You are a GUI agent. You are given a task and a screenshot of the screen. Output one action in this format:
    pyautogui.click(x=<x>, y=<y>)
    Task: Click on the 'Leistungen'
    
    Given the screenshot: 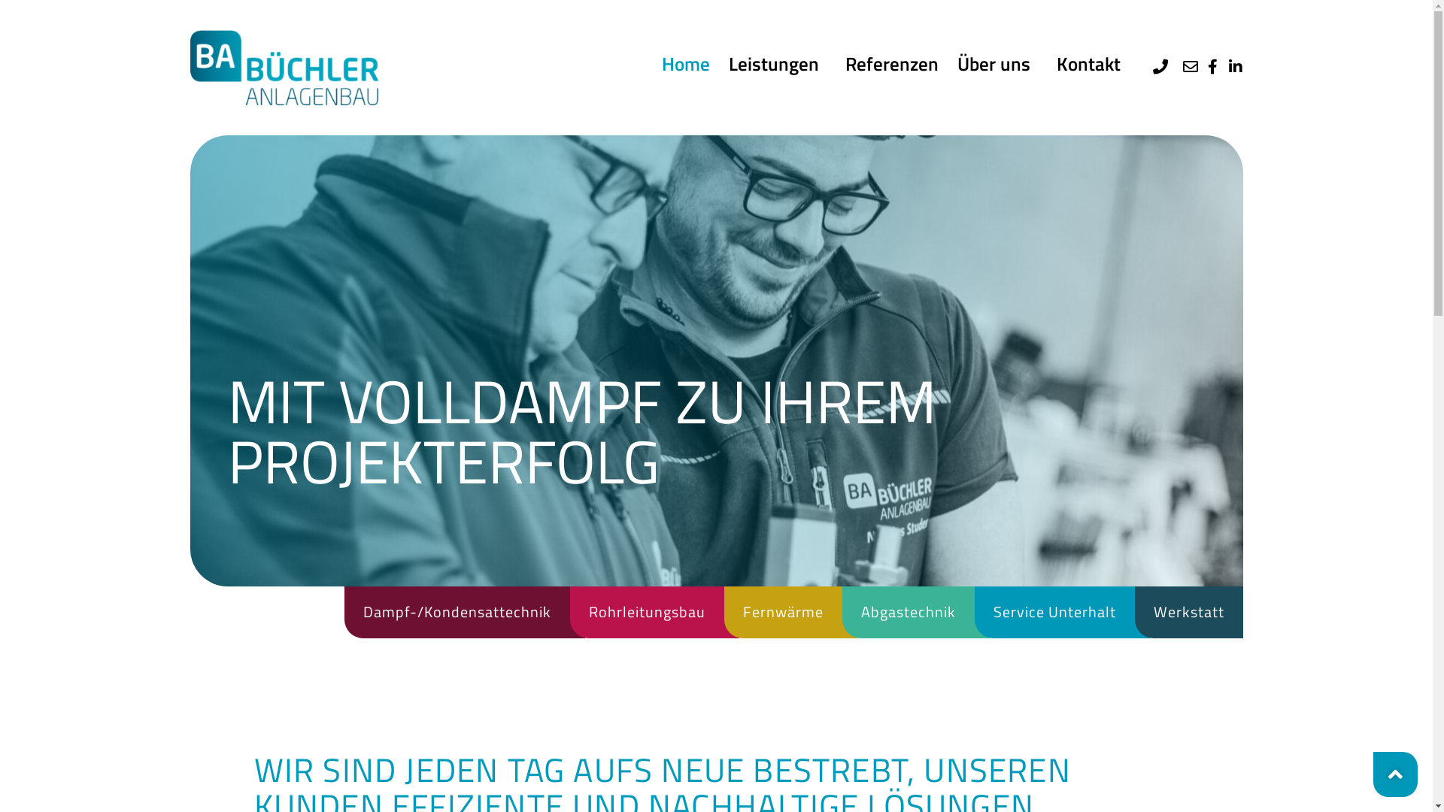 What is the action you would take?
    pyautogui.click(x=776, y=63)
    